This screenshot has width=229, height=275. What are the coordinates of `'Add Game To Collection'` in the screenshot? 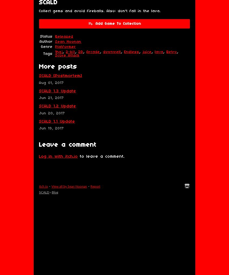 It's located at (95, 23).